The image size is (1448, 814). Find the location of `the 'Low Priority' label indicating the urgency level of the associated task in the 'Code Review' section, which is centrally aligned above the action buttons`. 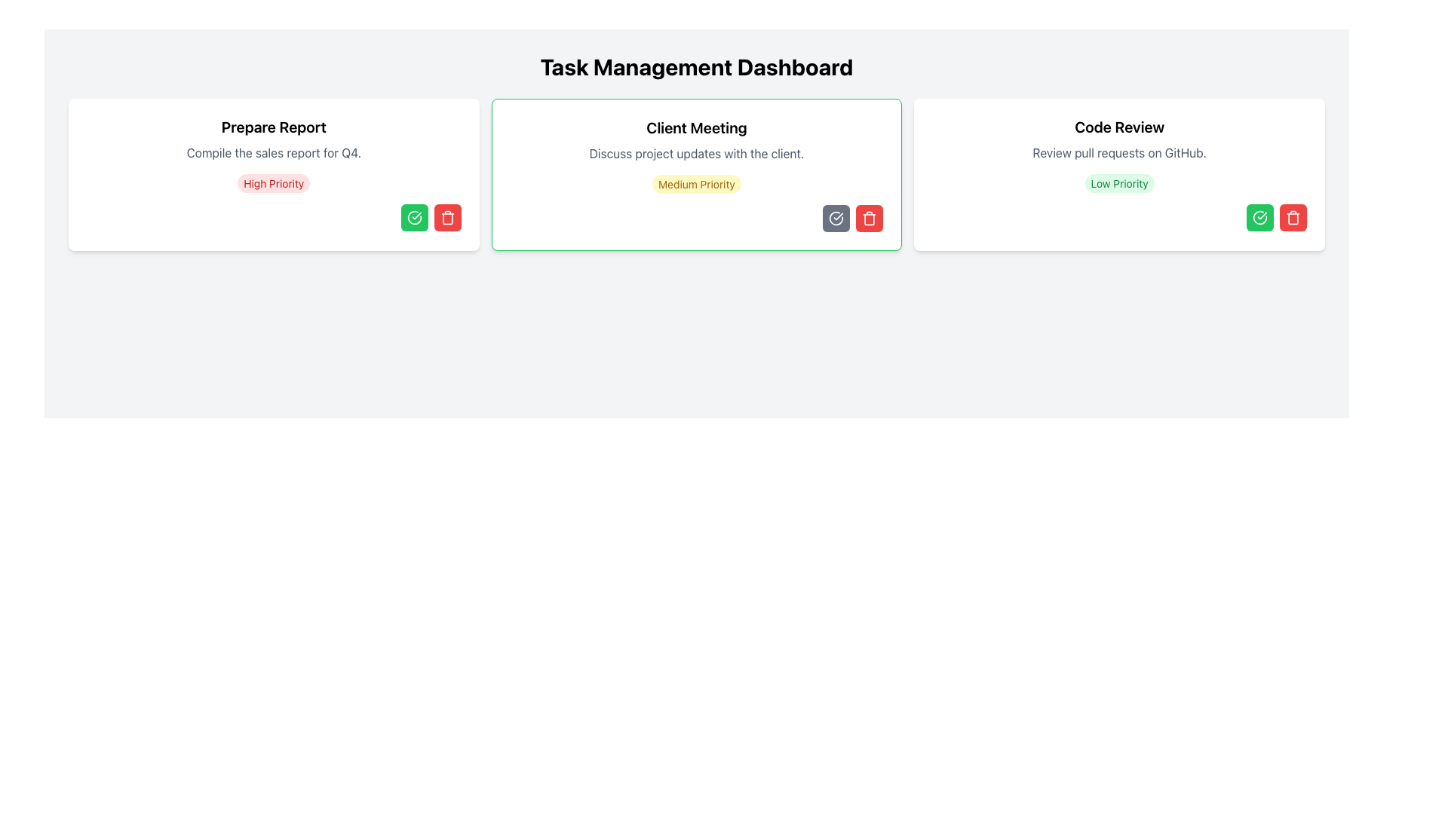

the 'Low Priority' label indicating the urgency level of the associated task in the 'Code Review' section, which is centrally aligned above the action buttons is located at coordinates (1119, 182).